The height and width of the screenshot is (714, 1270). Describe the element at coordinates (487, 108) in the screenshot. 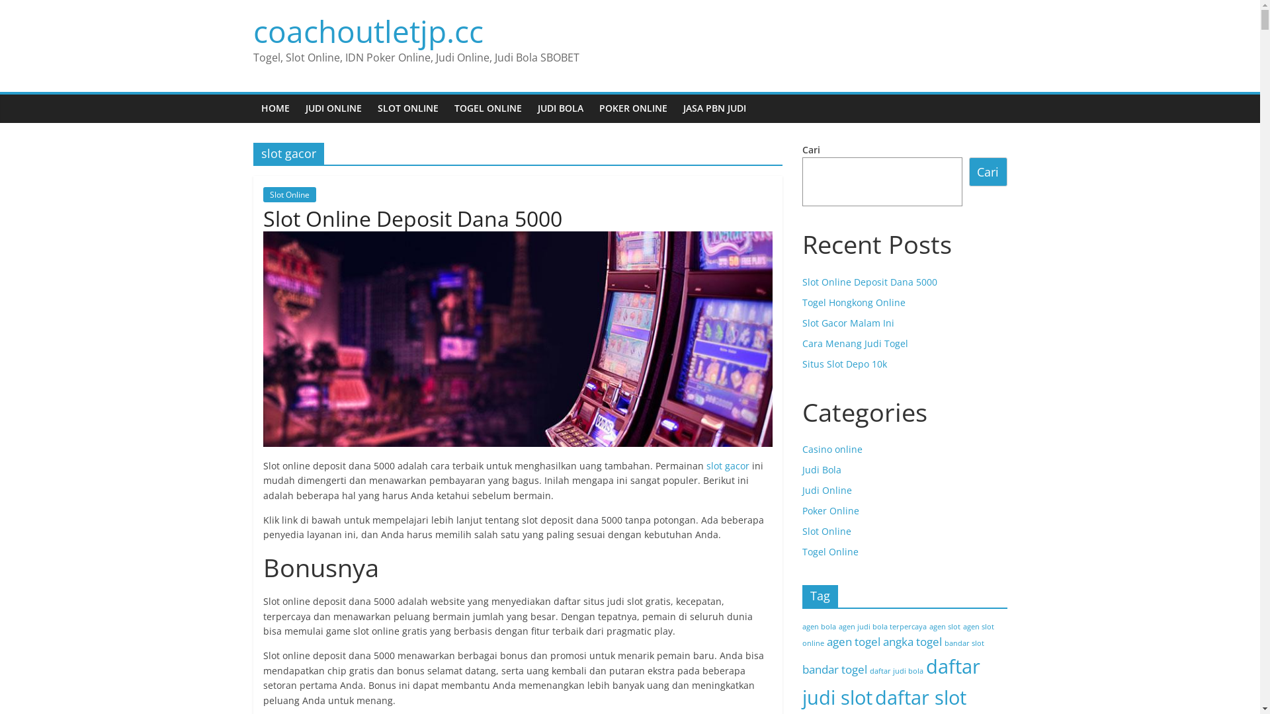

I see `'TOGEL ONLINE'` at that location.